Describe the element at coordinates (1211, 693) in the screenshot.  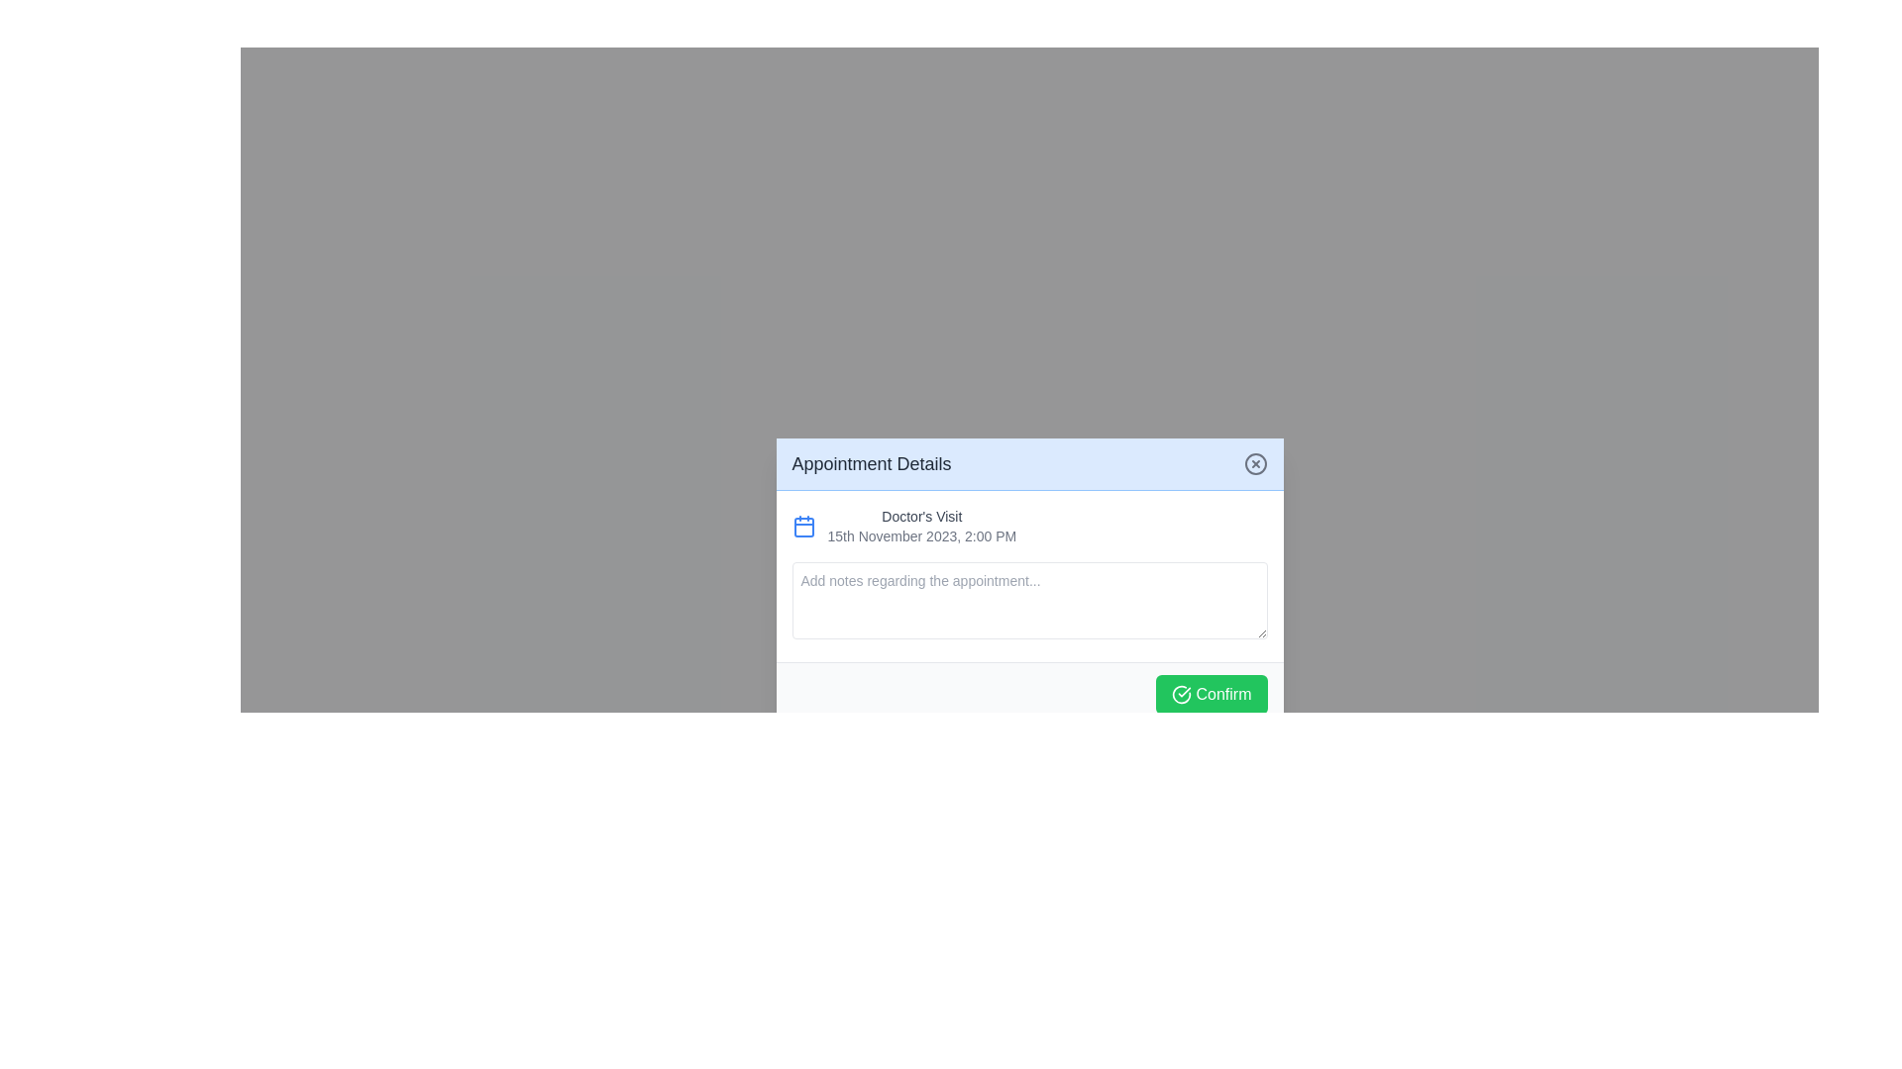
I see `the confirmation button located at the bottom-right corner of the 'Appointment Details' dialog box` at that location.